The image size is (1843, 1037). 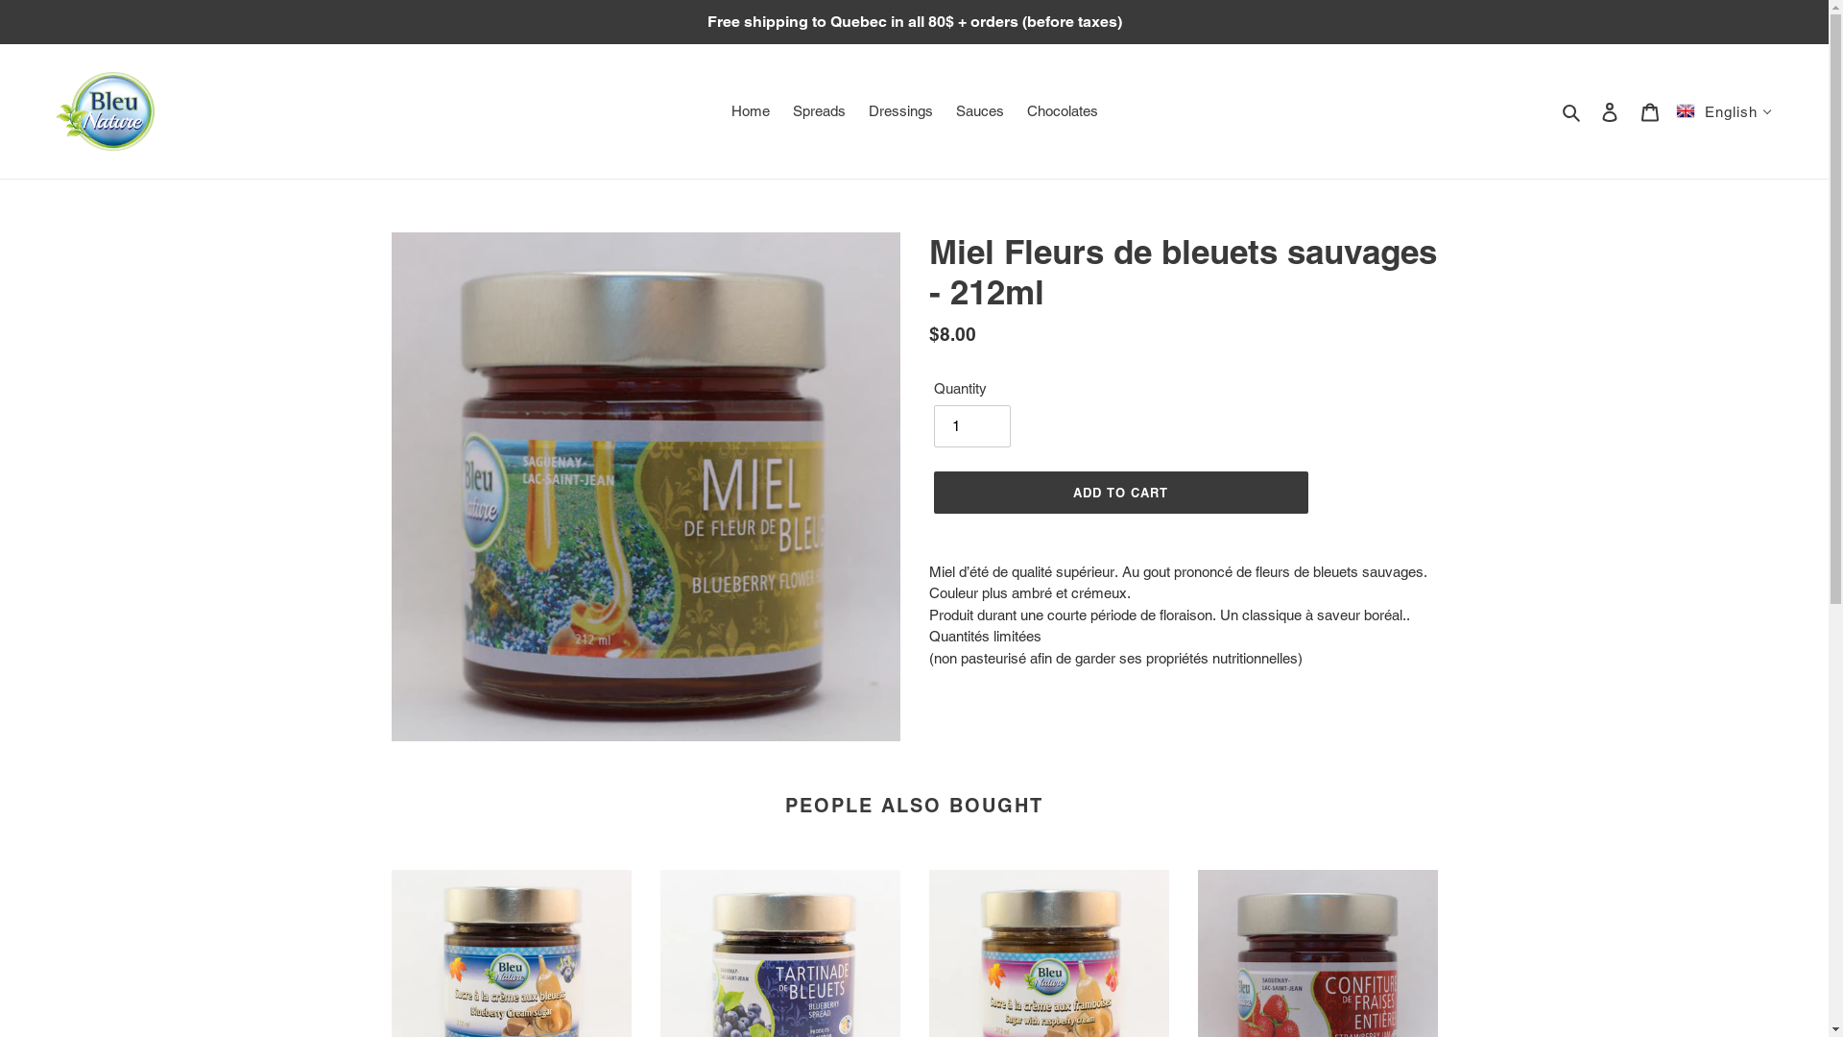 What do you see at coordinates (750, 111) in the screenshot?
I see `'Home'` at bounding box center [750, 111].